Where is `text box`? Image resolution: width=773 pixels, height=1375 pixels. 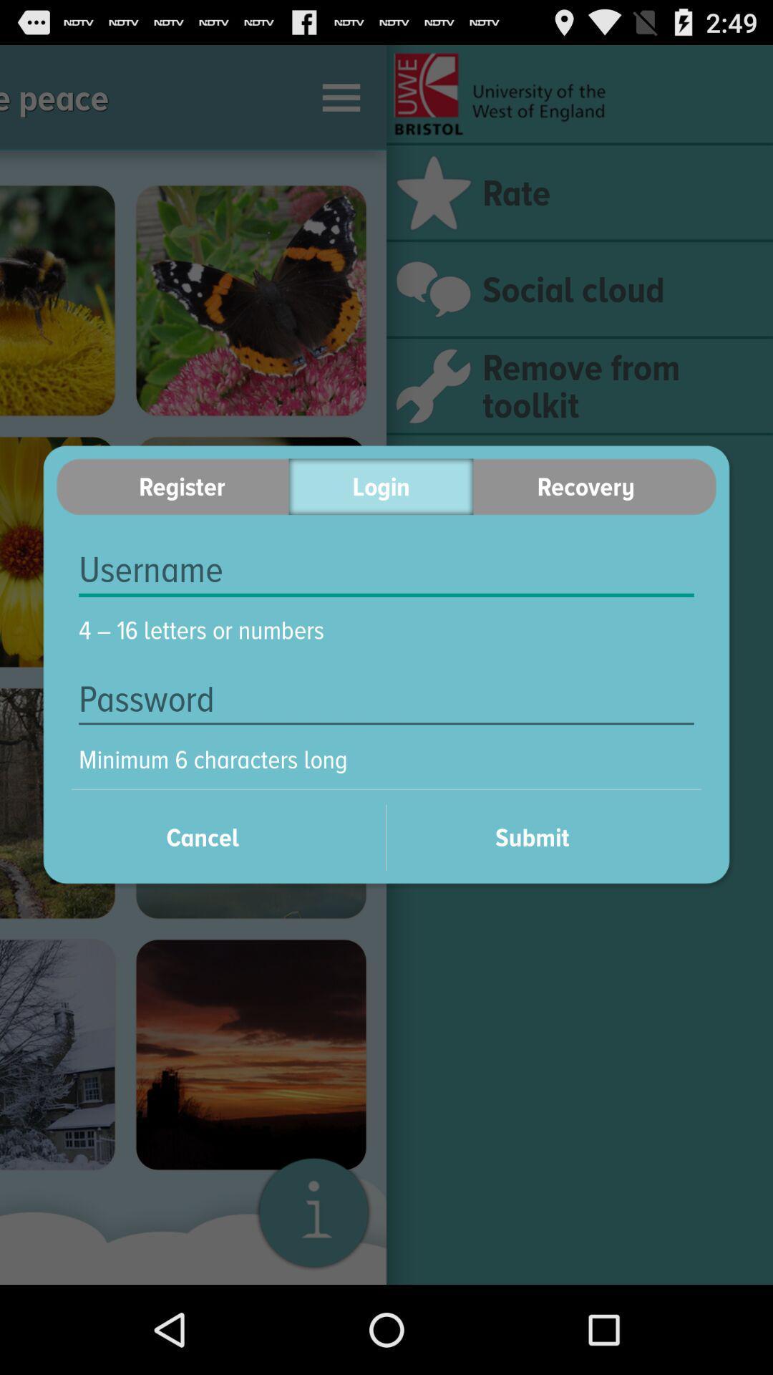 text box is located at coordinates (386, 569).